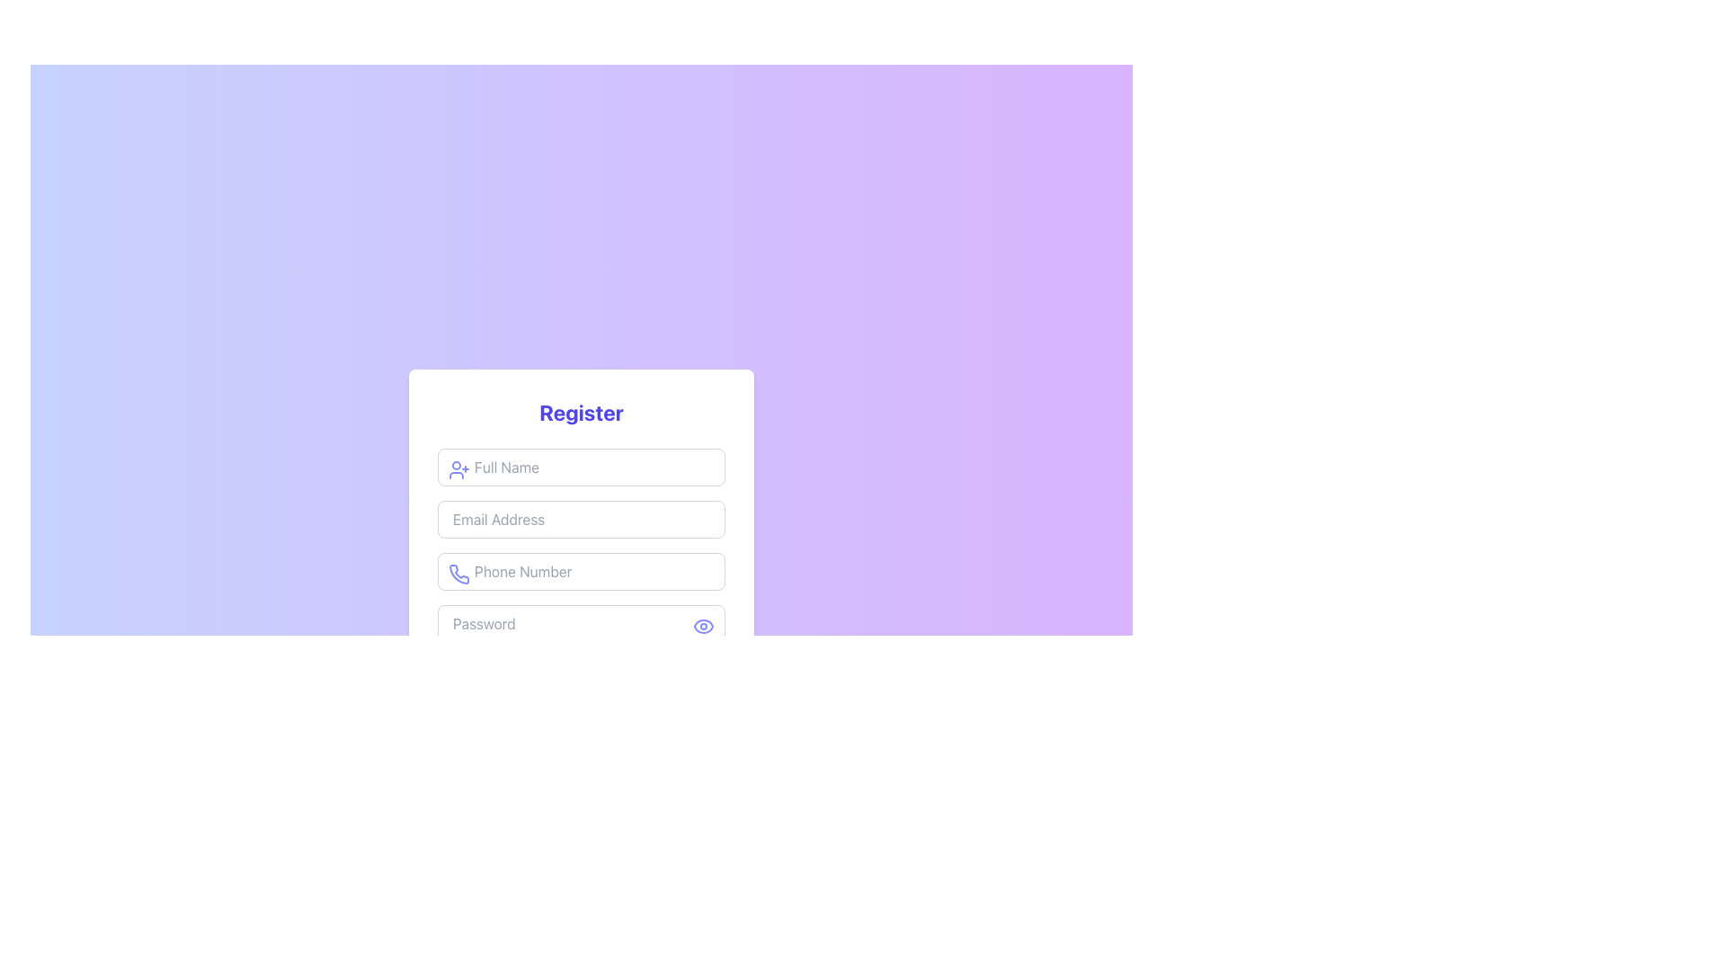  What do you see at coordinates (459, 575) in the screenshot?
I see `the decorative phone number icon located inside the 'Phone Number' input field, which is the third field in the form` at bounding box center [459, 575].